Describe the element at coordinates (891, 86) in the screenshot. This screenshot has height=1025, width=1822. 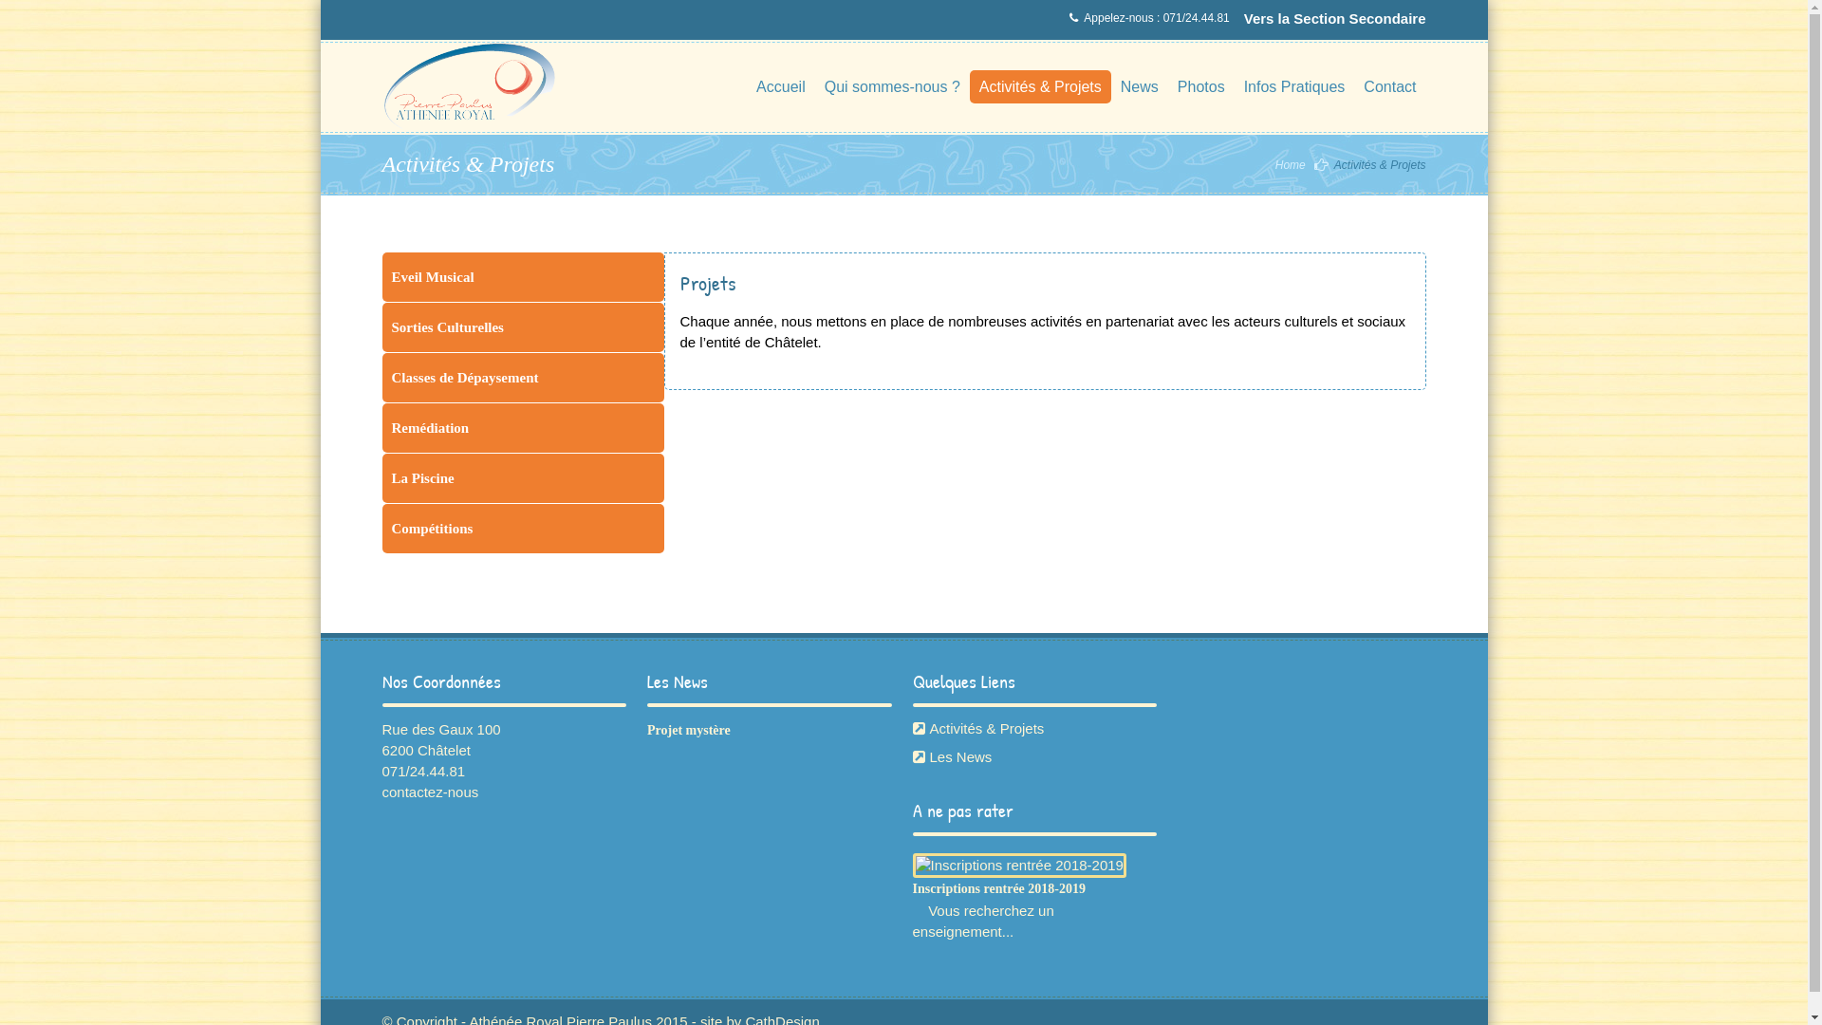
I see `'Qui sommes-nous ?'` at that location.